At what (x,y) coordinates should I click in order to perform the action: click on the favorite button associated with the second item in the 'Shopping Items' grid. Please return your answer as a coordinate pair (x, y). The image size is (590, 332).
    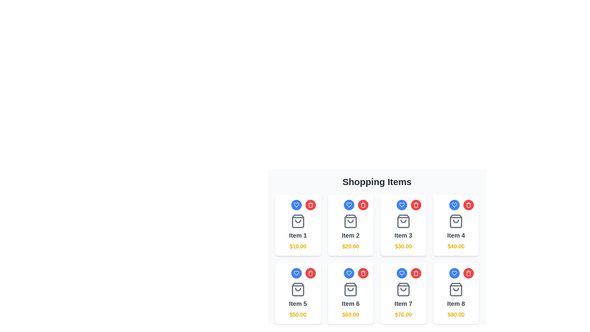
    Looking at the image, I should click on (349, 205).